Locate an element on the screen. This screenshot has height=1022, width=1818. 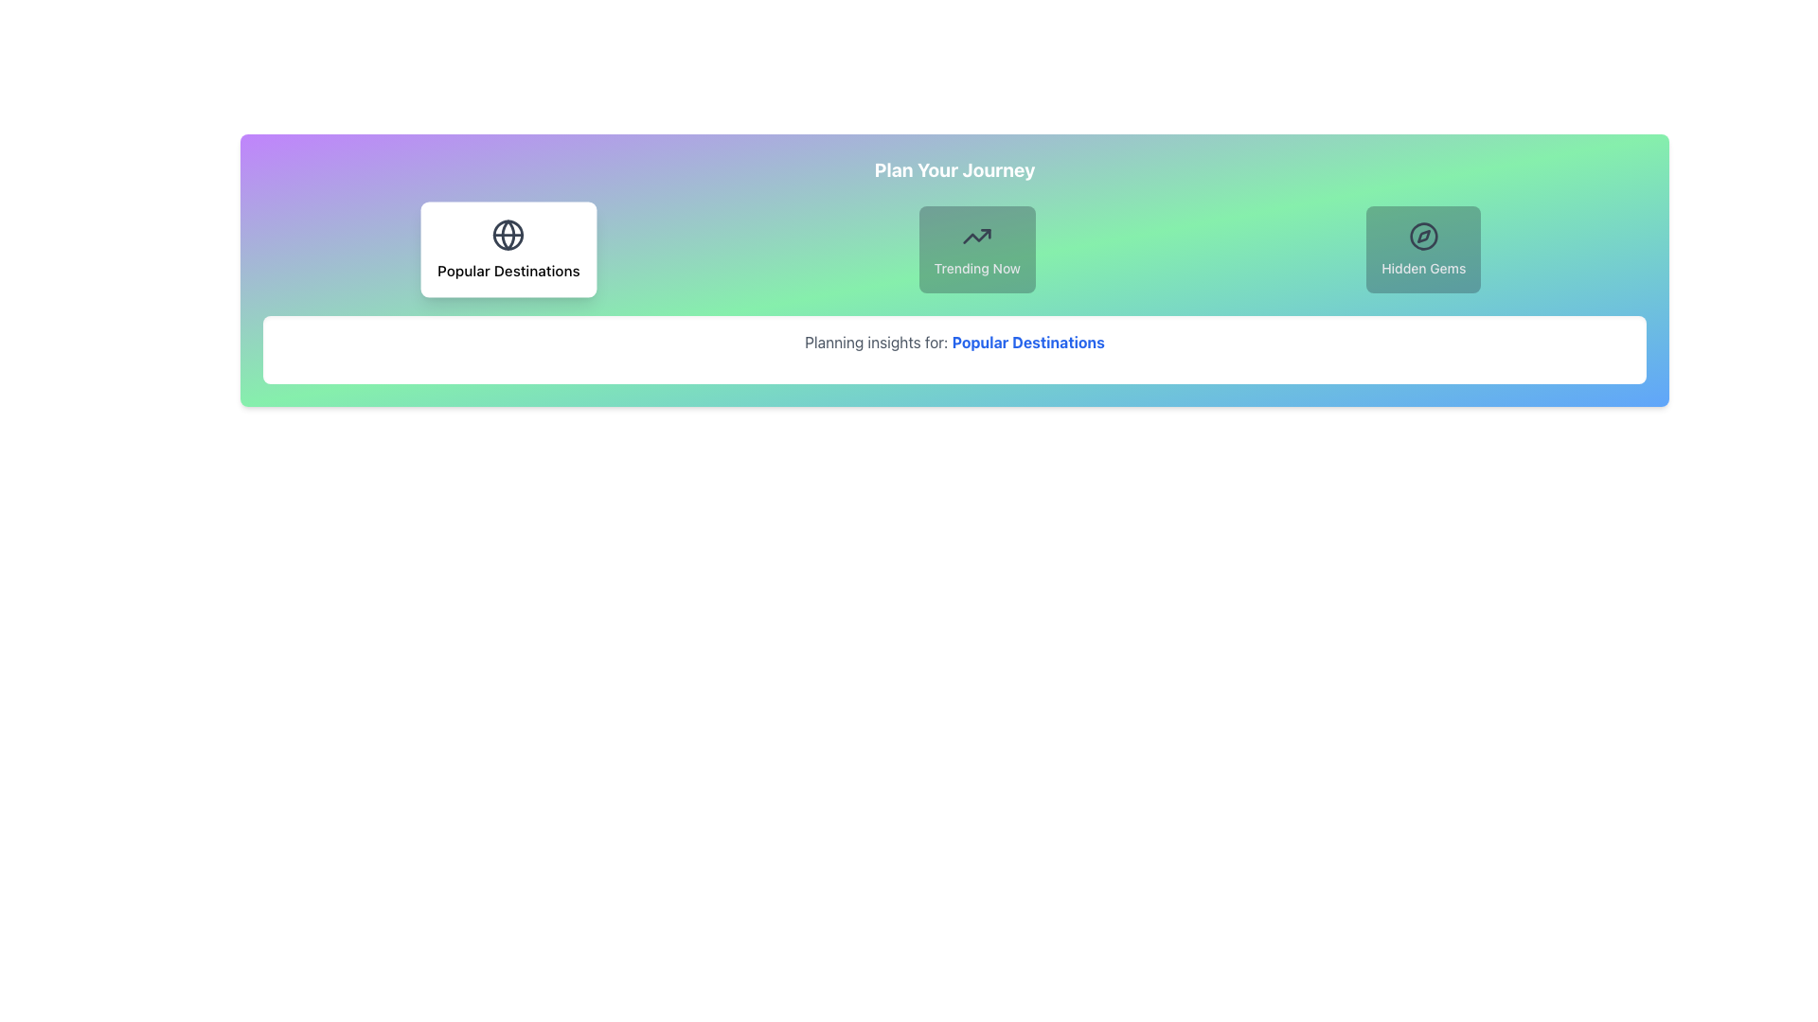
the decorative vector graphic representing a globe in the 'Popular Destinations' section, located to the left of the 'Plan Your Journey' title is located at coordinates (508, 234).